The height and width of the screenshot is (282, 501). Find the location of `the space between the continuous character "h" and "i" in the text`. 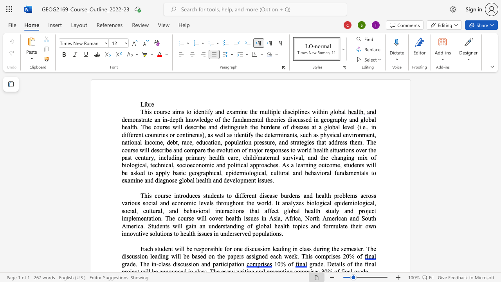

the space between the continuous character "h" and "i" in the text is located at coordinates (147, 112).